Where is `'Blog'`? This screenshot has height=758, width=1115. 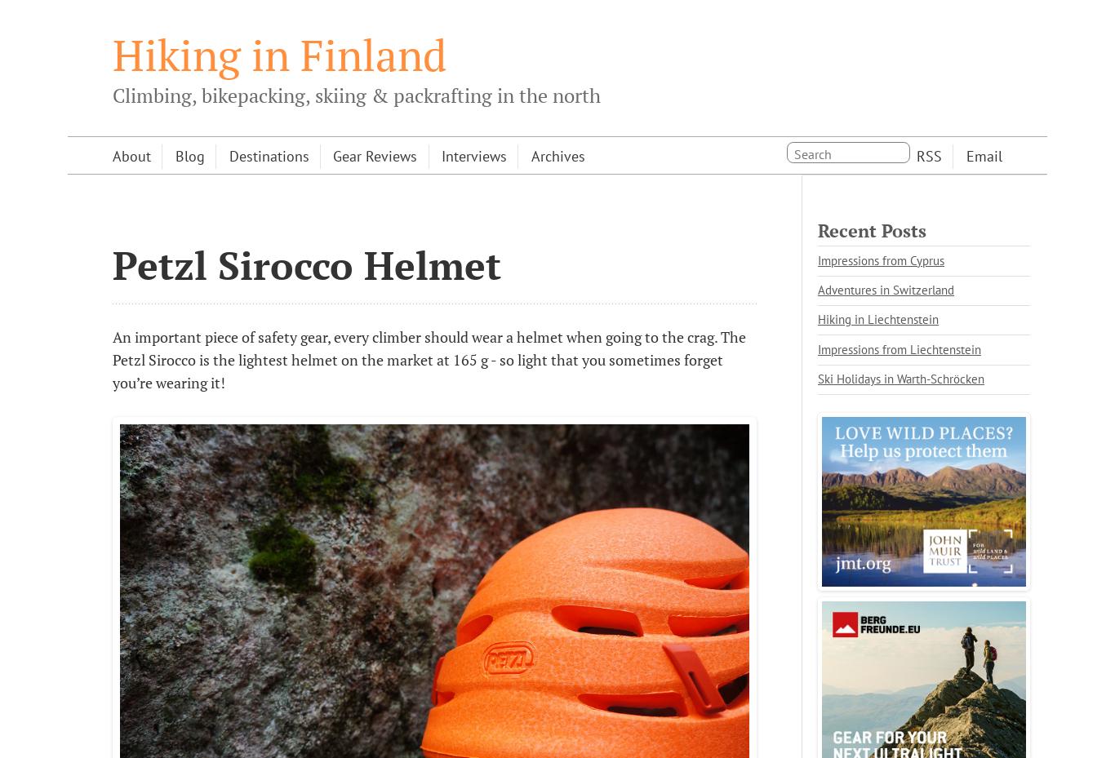 'Blog' is located at coordinates (174, 155).